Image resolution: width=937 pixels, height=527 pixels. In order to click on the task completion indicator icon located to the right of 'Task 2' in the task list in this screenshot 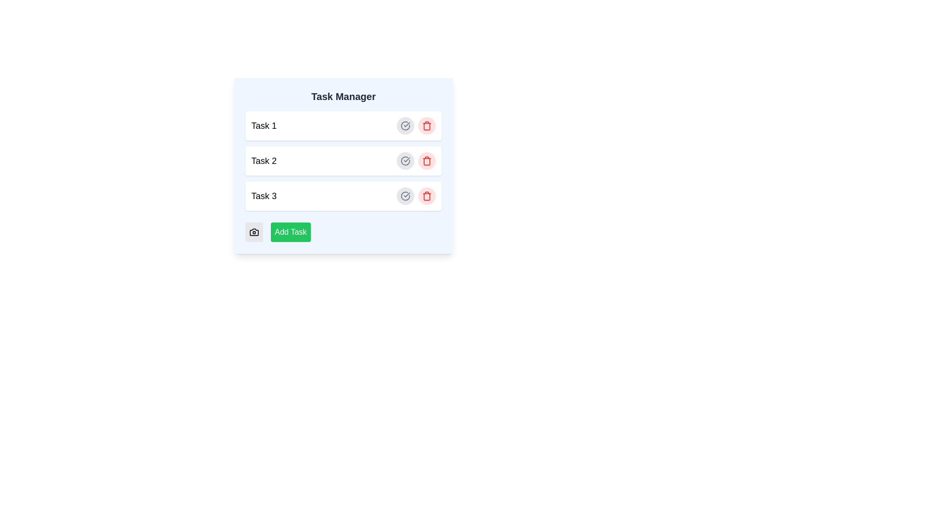, I will do `click(405, 161)`.